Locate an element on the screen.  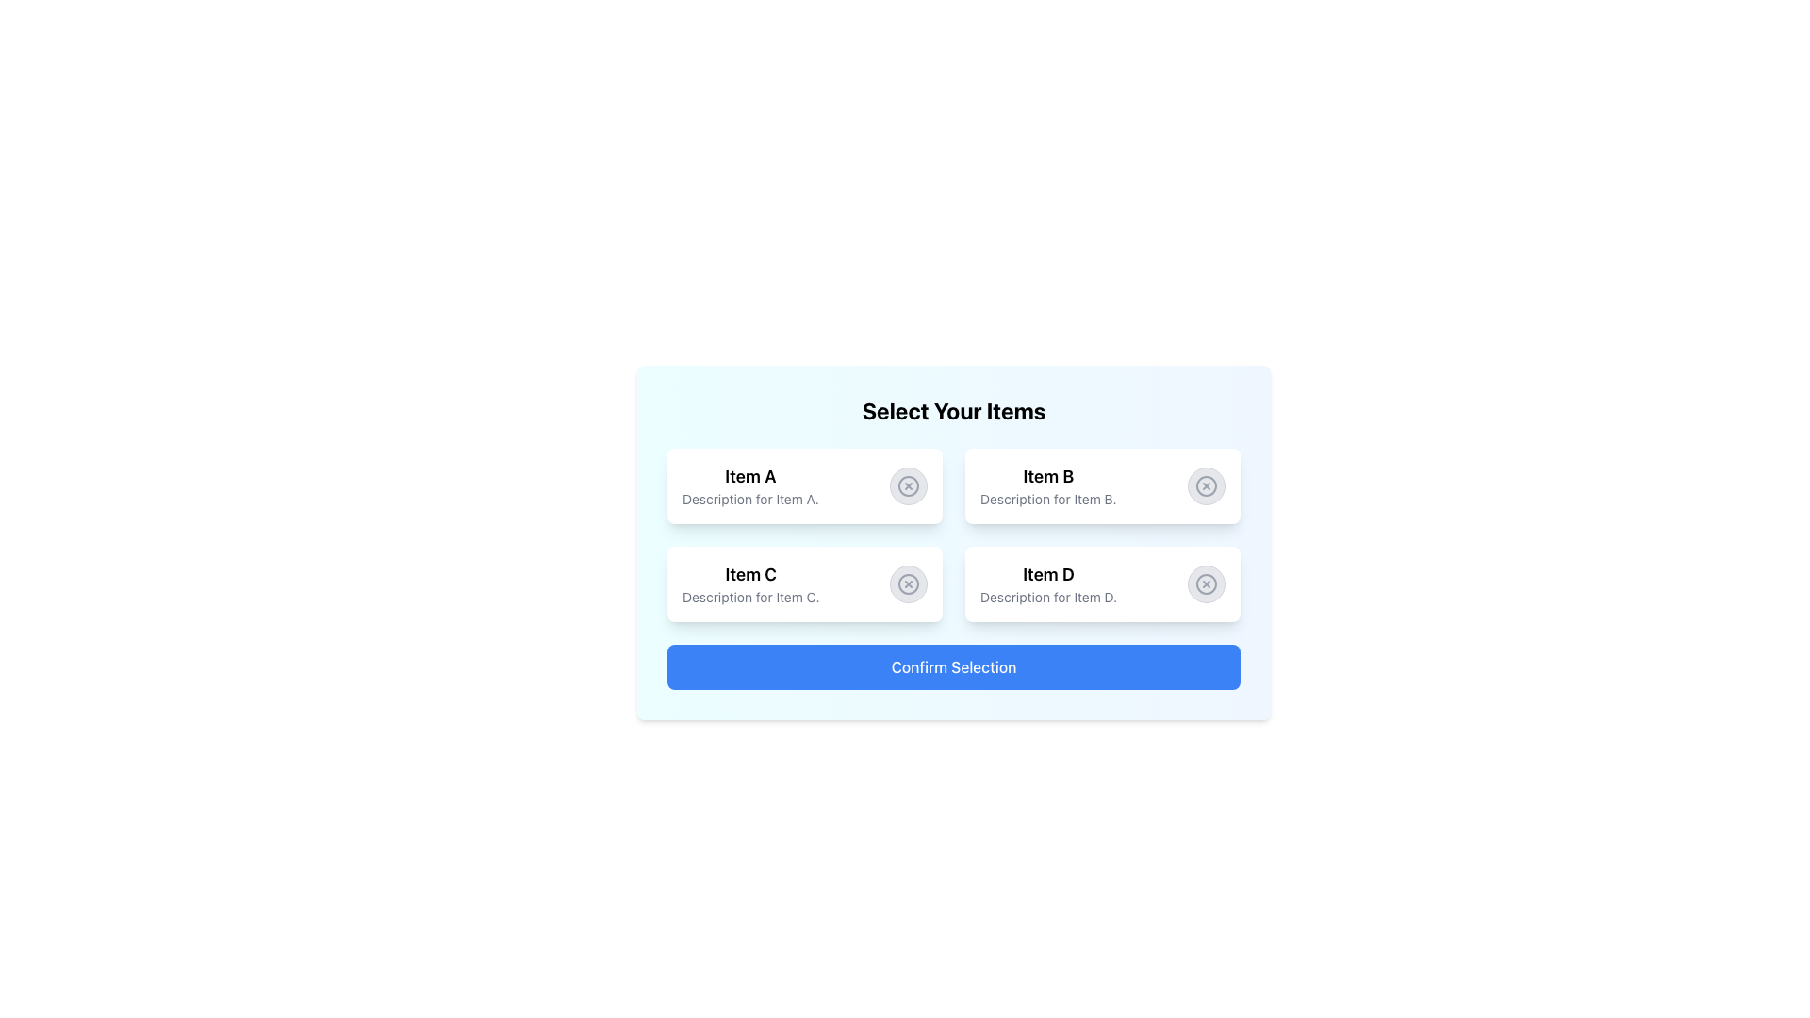
the circular gray button with an 'X' icon located to the right of the 'Item C' card in the bottom-left segment of the grid layout is located at coordinates (909, 583).